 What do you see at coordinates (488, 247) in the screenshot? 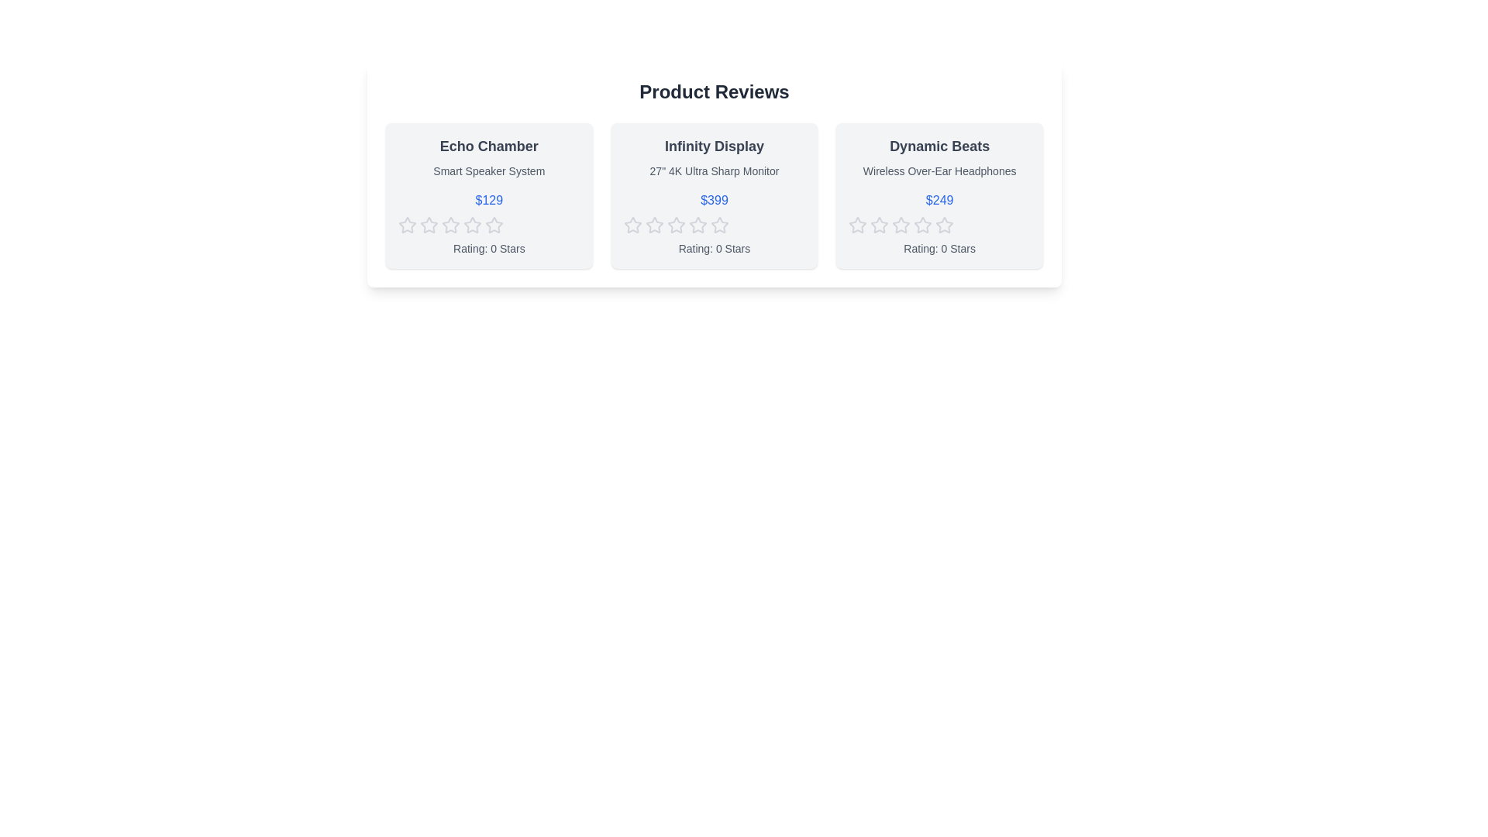
I see `the text label displaying 'Rating: 0 Stars' located at the bottom of the product card for 'Echo Chamber'` at bounding box center [488, 247].